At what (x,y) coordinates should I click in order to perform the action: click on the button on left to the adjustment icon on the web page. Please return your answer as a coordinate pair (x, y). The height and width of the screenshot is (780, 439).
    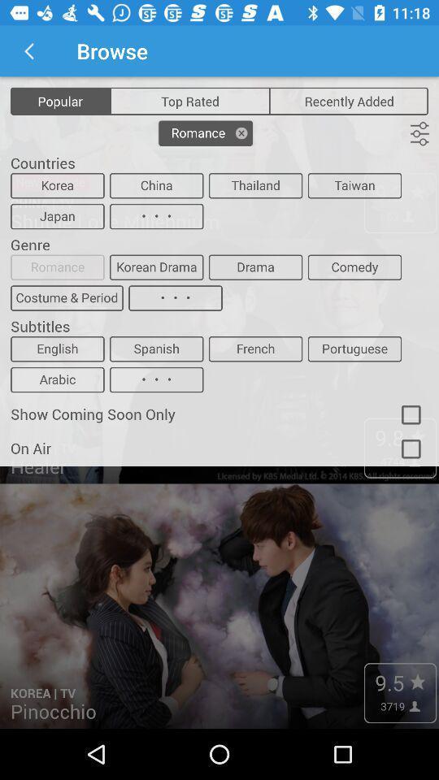
    Looking at the image, I should click on (206, 132).